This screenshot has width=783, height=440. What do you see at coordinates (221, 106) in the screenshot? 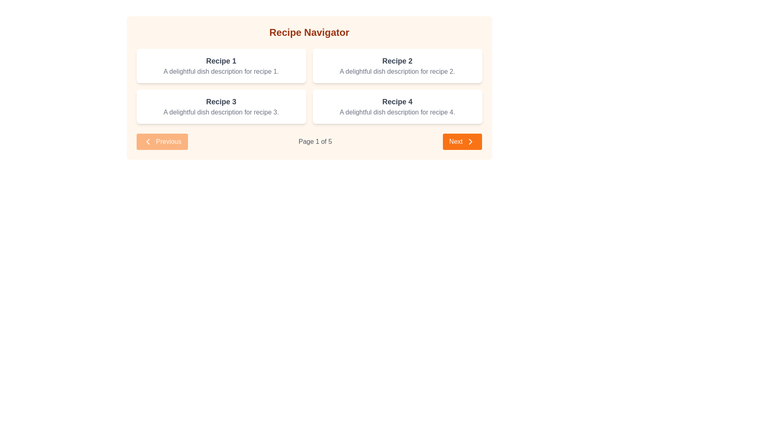
I see `the informational card titled 'Recipe 3' which is styled with a white background and contains a bold title and a description, located in the bottom-left slot of the grid layout` at bounding box center [221, 106].